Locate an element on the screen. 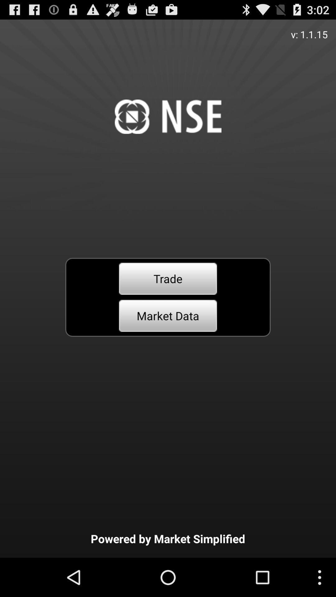 The image size is (336, 597). item above market data is located at coordinates (168, 278).